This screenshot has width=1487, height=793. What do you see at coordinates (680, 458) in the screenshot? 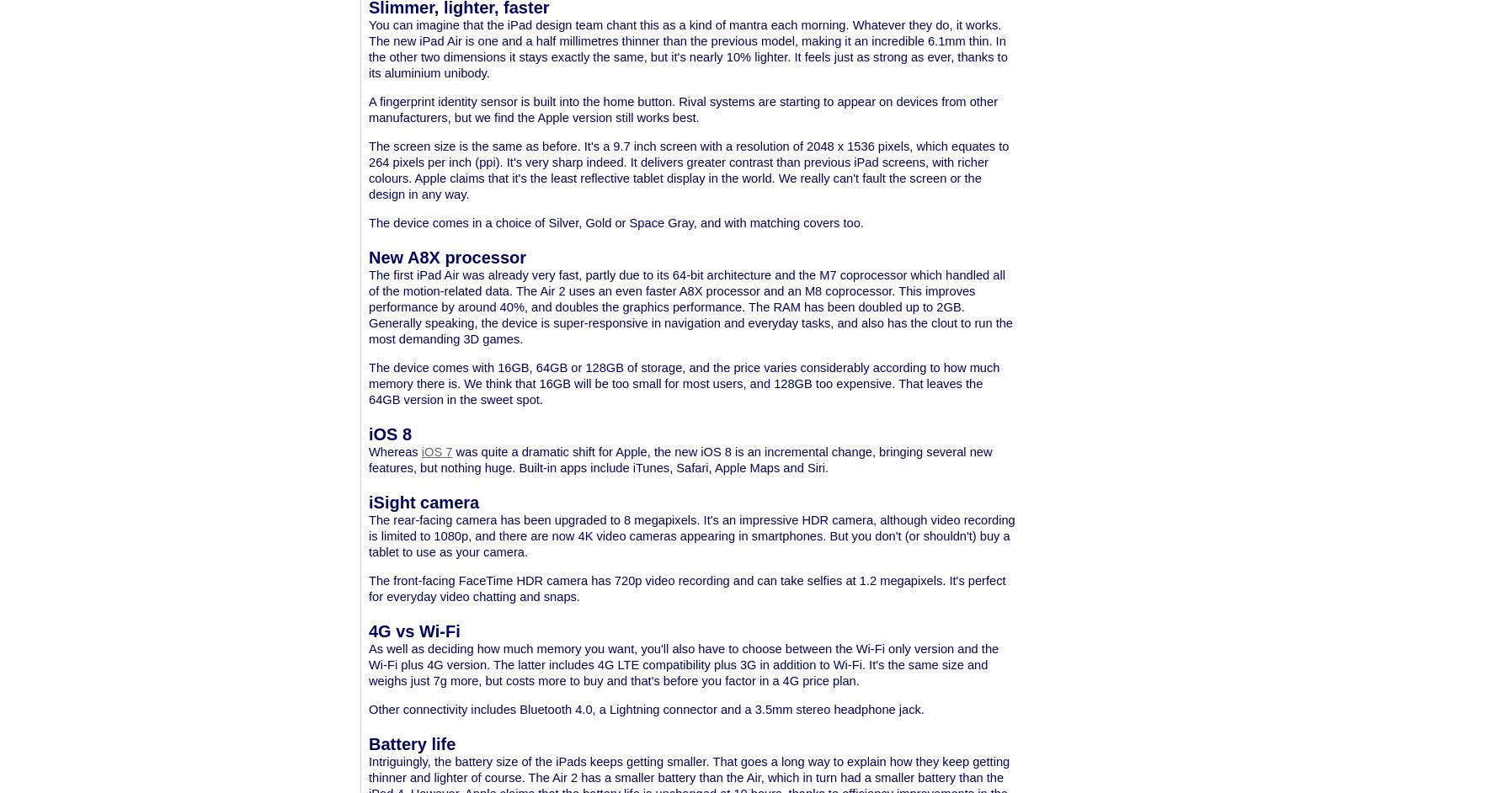
I see `'was quite a dramatic shift for Apple, the new iOS 8 is an incremental change, bringing several new features, but nothing huge. Built-in apps include iTunes, Safari, Apple Maps and Siri.'` at bounding box center [680, 458].